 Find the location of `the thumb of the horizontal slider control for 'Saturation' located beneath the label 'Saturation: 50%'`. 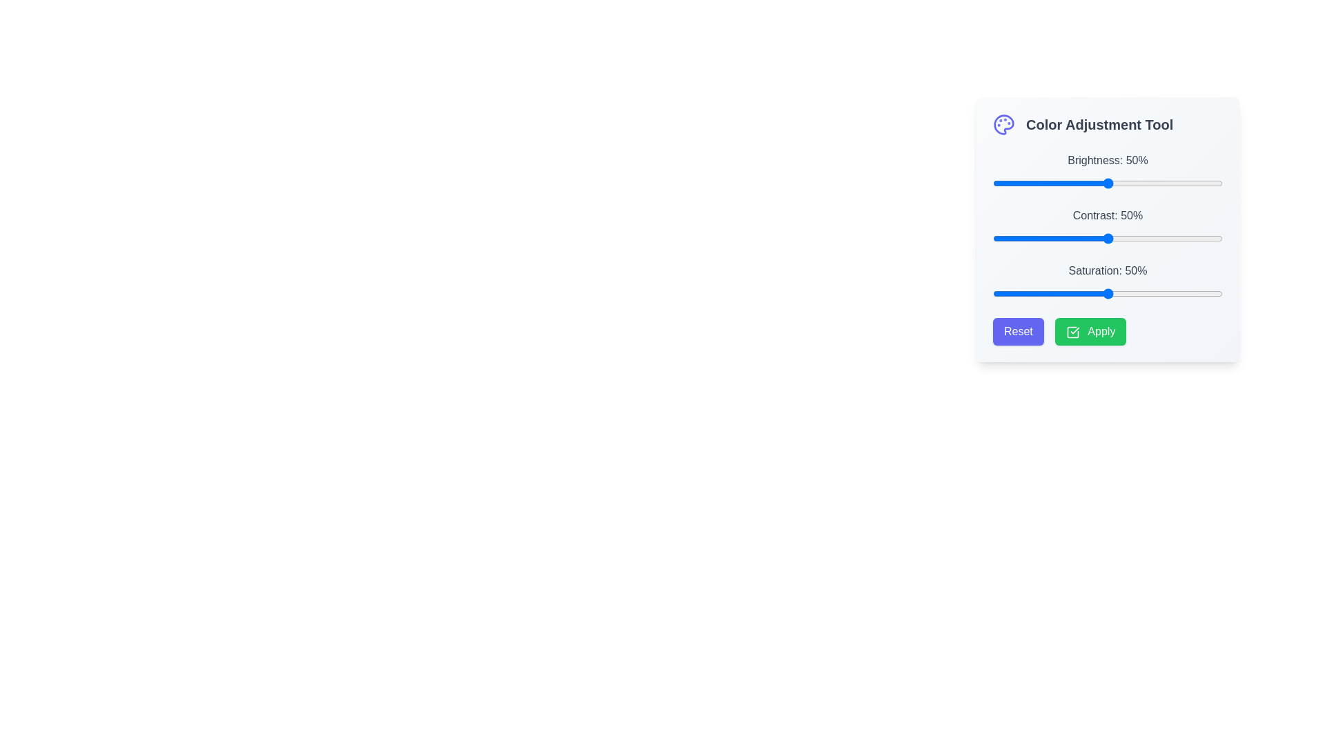

the thumb of the horizontal slider control for 'Saturation' located beneath the label 'Saturation: 50%' is located at coordinates (1108, 292).